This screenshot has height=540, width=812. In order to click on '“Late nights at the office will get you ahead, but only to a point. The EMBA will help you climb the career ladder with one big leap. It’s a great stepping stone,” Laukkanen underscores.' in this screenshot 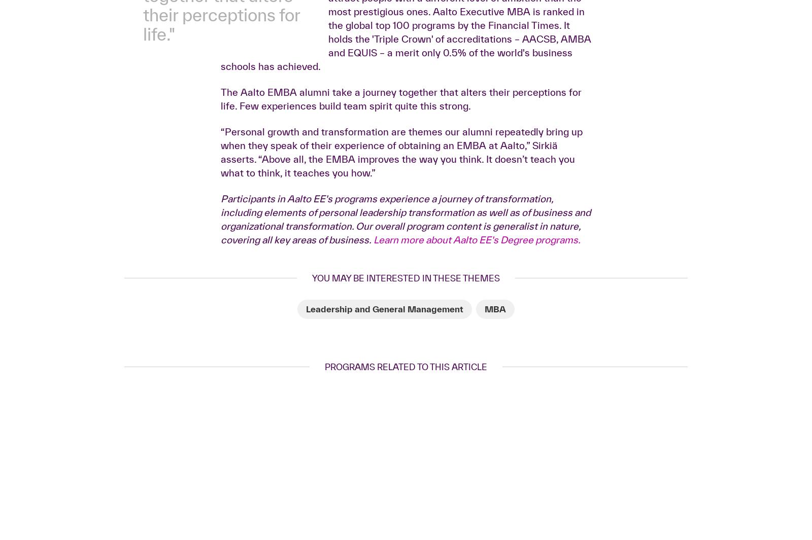, I will do `click(397, 76)`.